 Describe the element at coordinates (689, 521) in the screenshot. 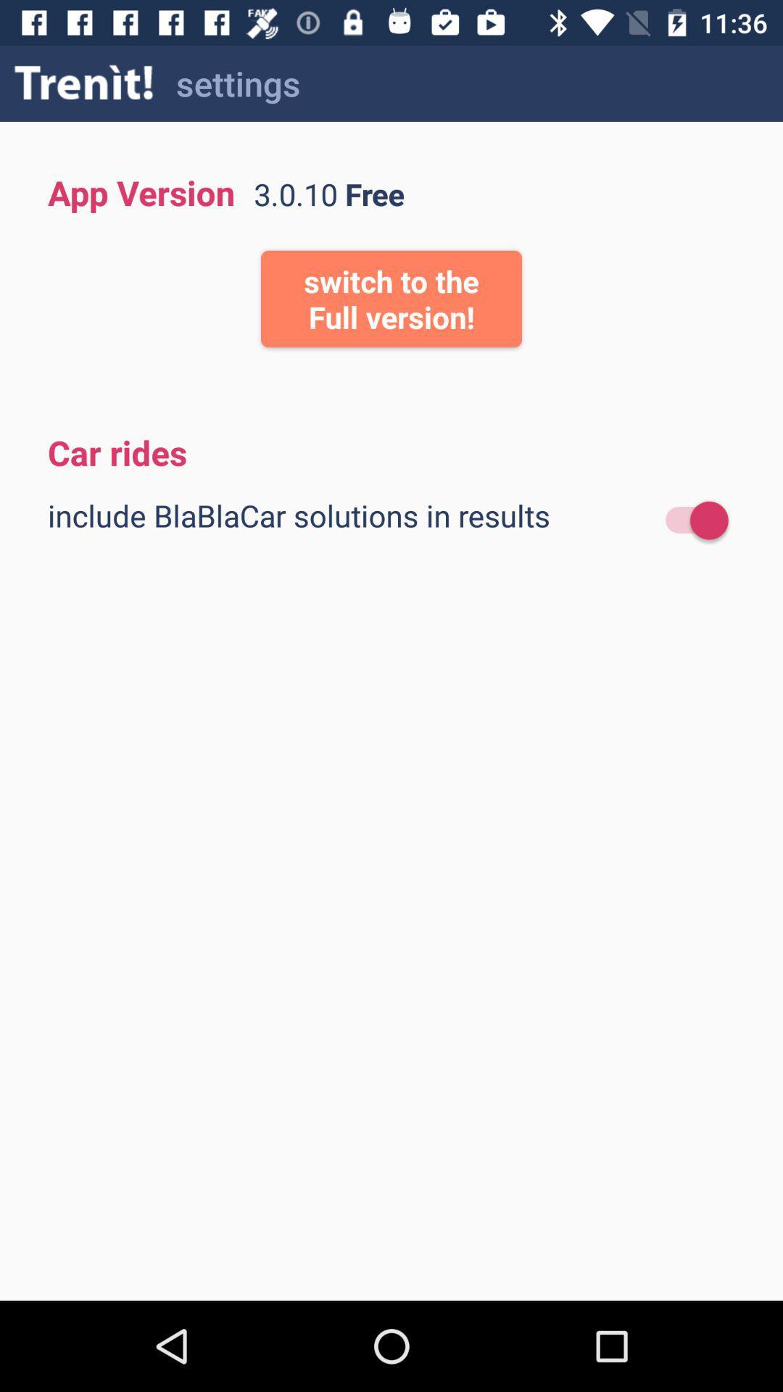

I see `blablacare results` at that location.